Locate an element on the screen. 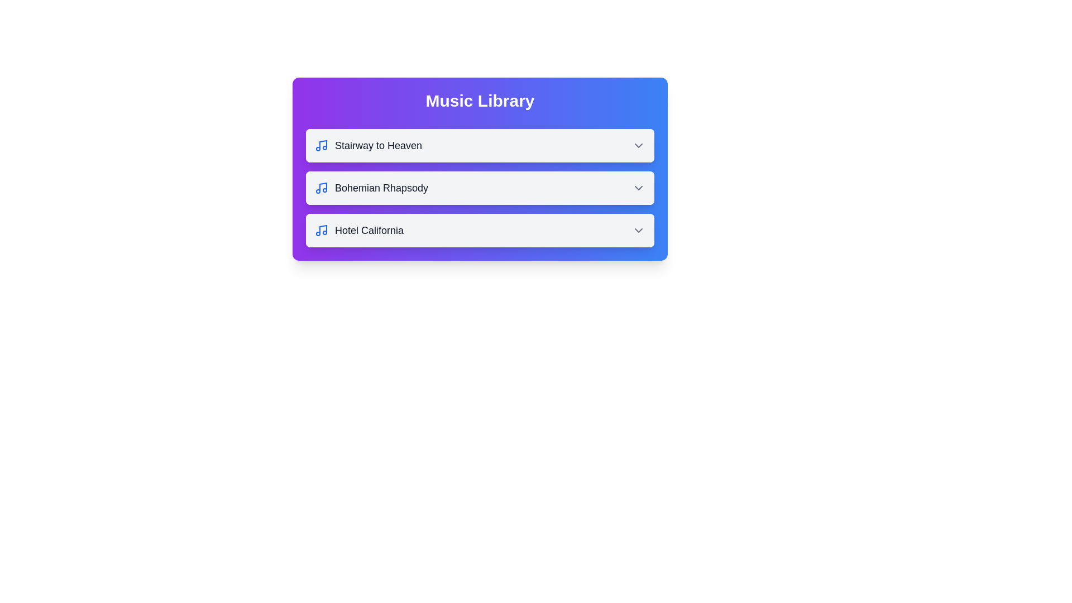 The width and height of the screenshot is (1072, 603). the static text label 'Hotel California', which is styled in a bold, medium-sized font in dark gray and is part of a list titled 'Music Library' is located at coordinates (369, 229).